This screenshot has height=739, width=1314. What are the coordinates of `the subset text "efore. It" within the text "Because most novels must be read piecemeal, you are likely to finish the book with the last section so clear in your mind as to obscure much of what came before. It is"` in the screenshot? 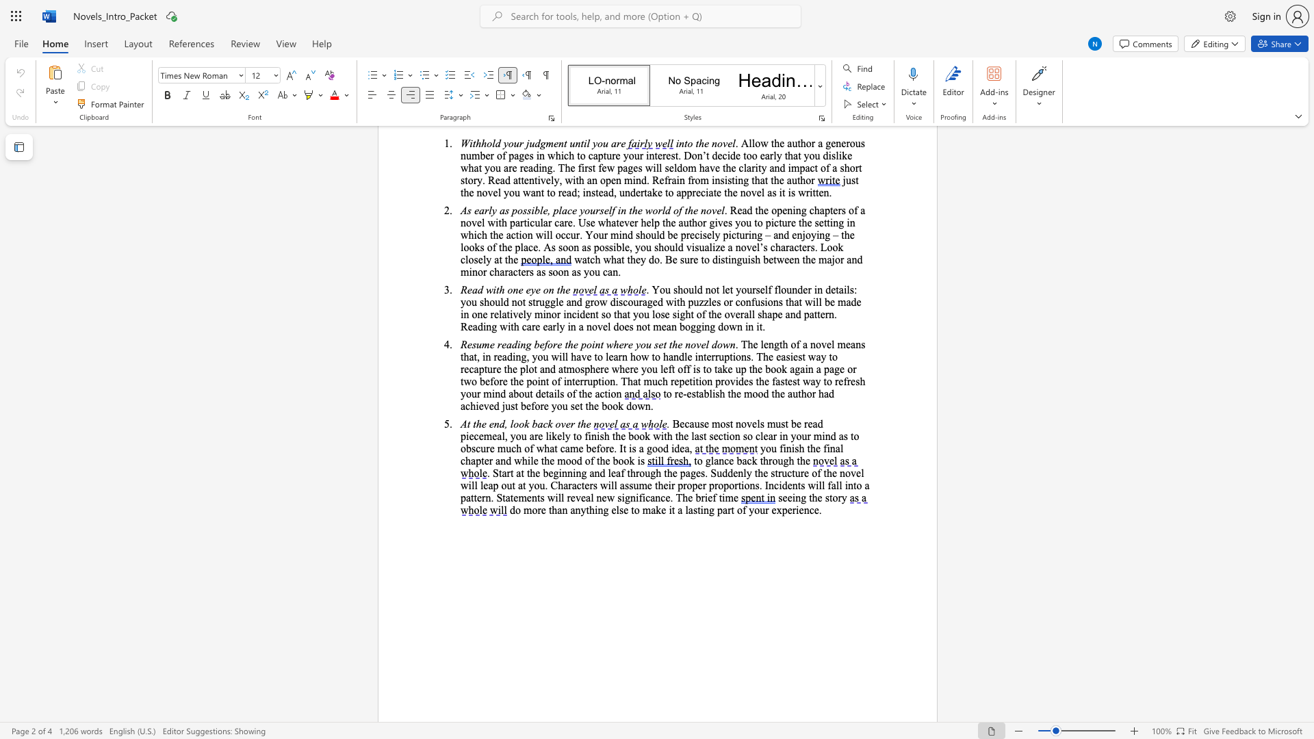 It's located at (591, 448).